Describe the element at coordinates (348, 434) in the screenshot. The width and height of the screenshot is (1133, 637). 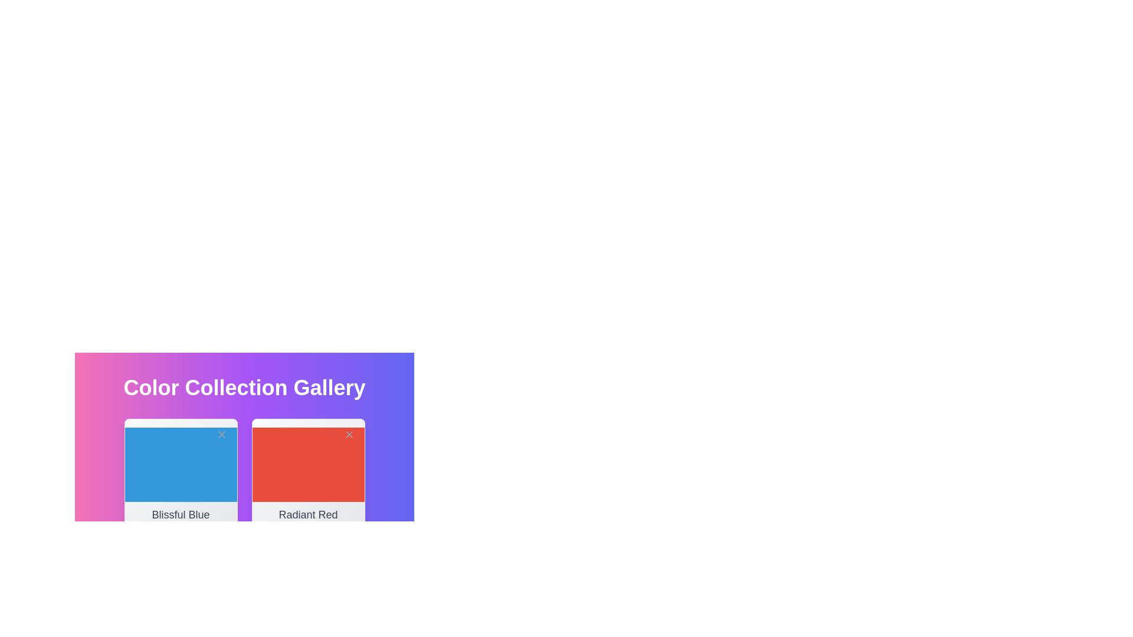
I see `the button containing the 'X' icon in the top-right corner of the 'Radiant Red' card` at that location.